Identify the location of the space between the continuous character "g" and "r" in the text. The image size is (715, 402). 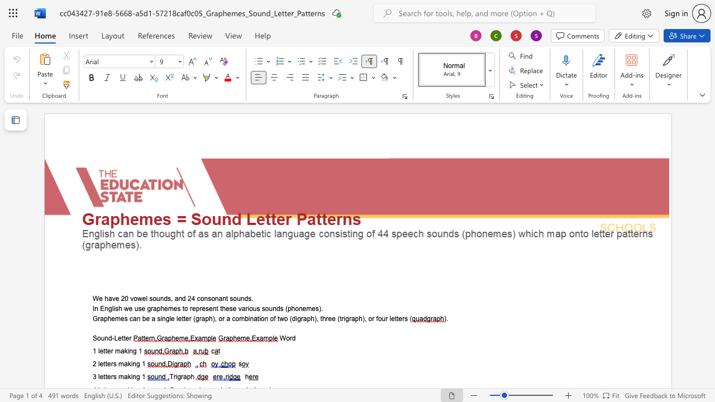
(180, 377).